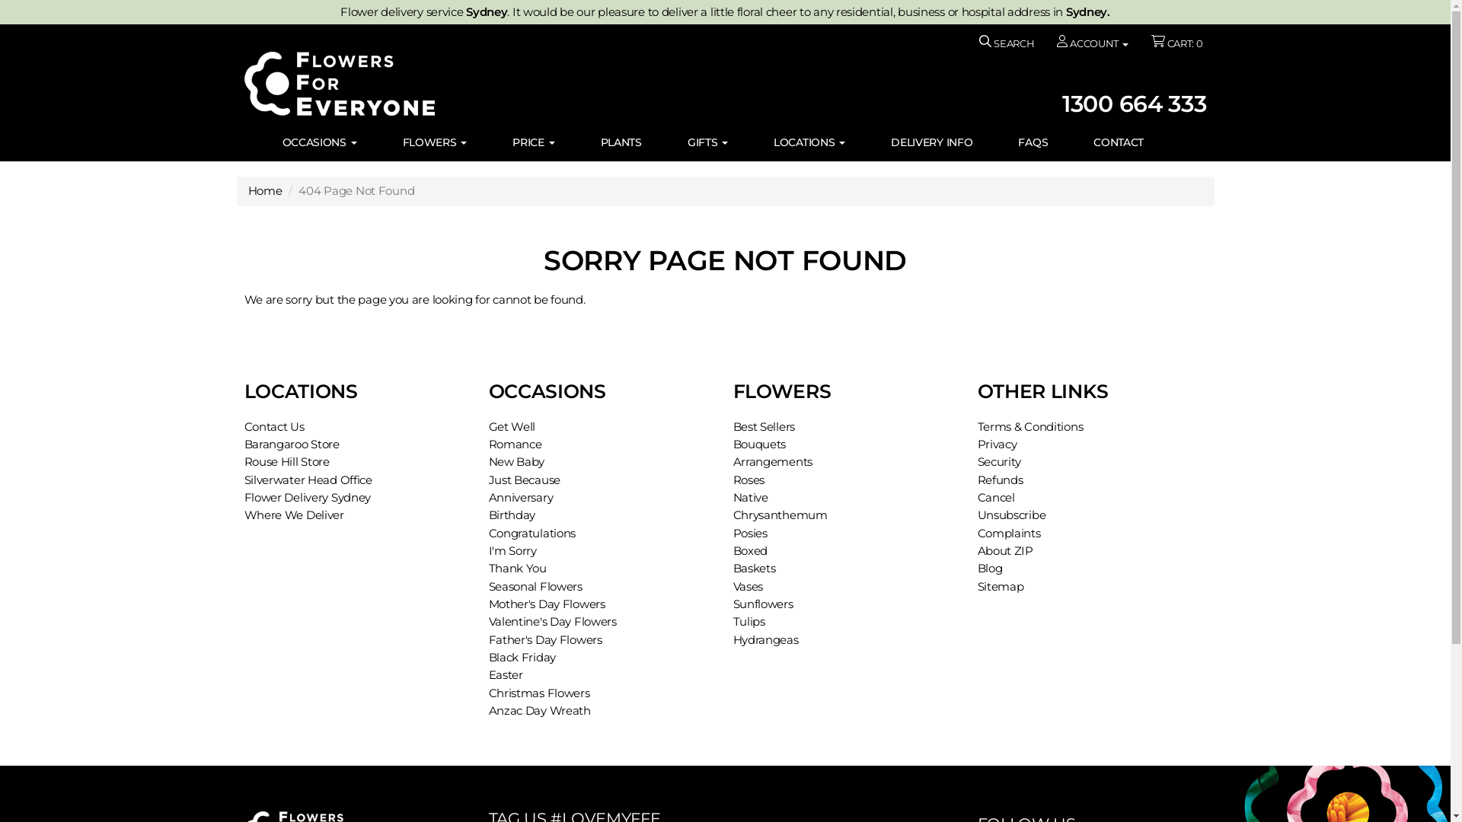  I want to click on 'Hydrangeas', so click(765, 639).